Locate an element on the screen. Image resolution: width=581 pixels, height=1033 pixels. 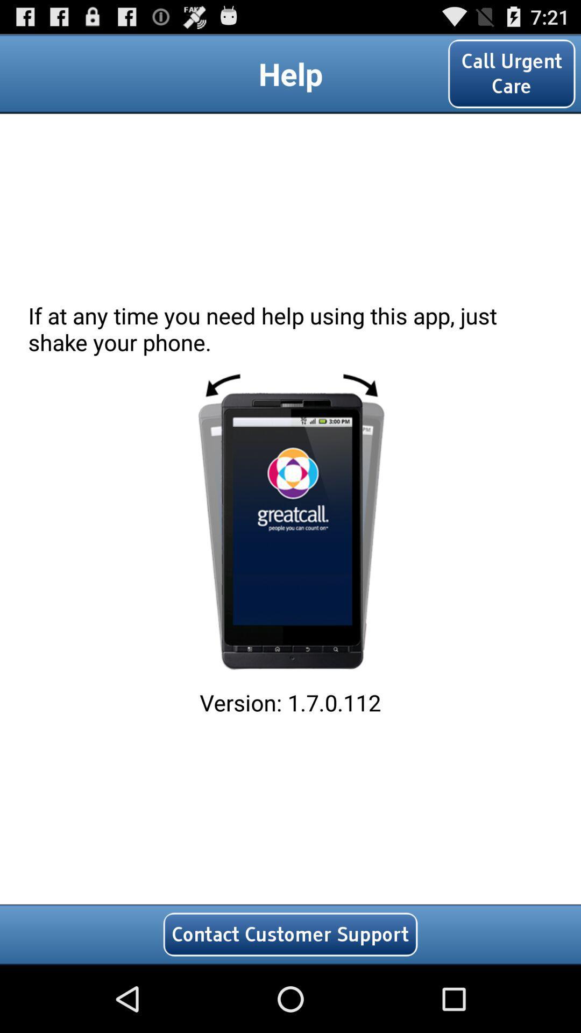
the icon at the top right corner is located at coordinates (511, 73).